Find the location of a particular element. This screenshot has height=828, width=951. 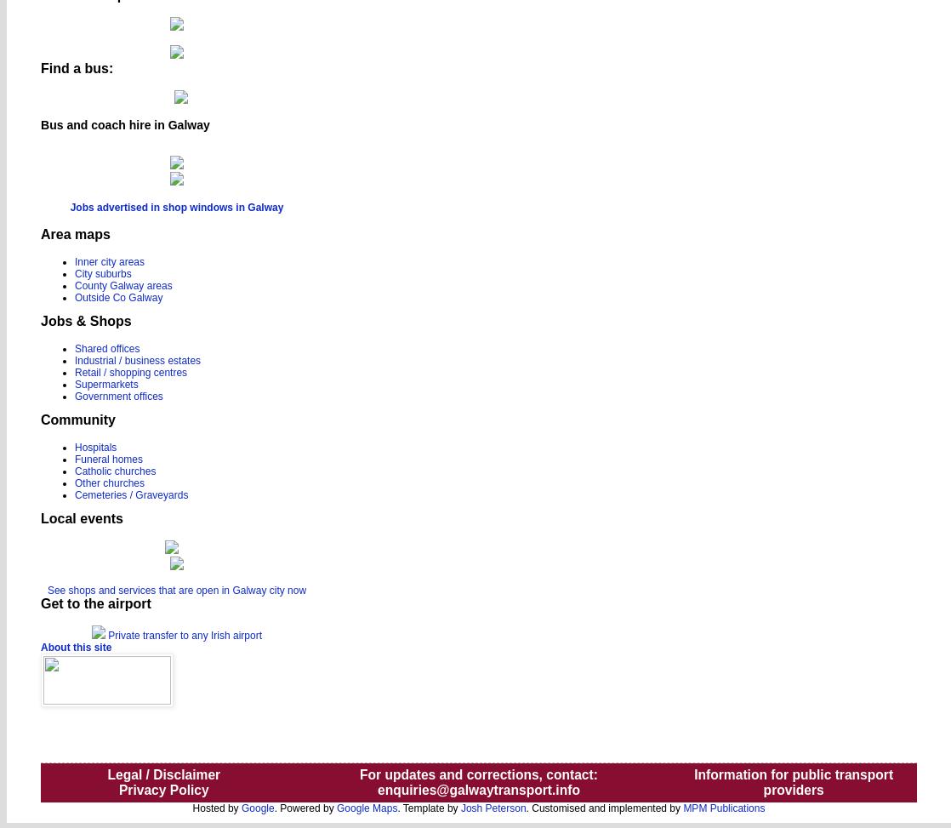

'Hospitals' is located at coordinates (95, 446).